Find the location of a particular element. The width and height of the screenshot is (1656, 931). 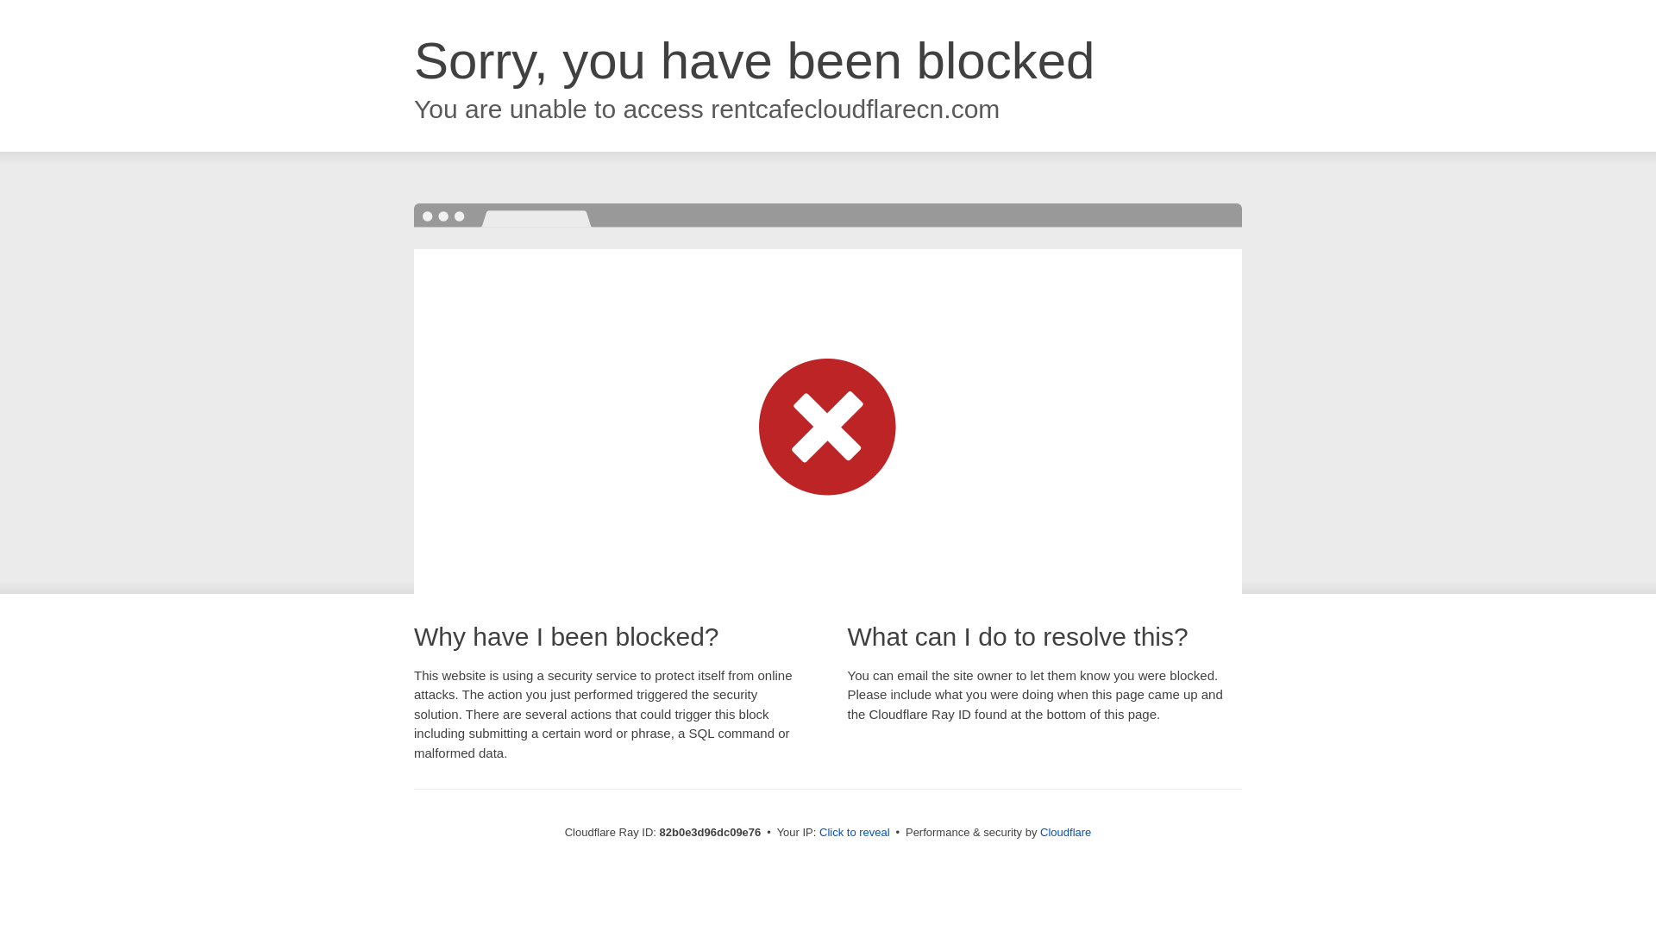

'Cloudflare' is located at coordinates (1064, 831).